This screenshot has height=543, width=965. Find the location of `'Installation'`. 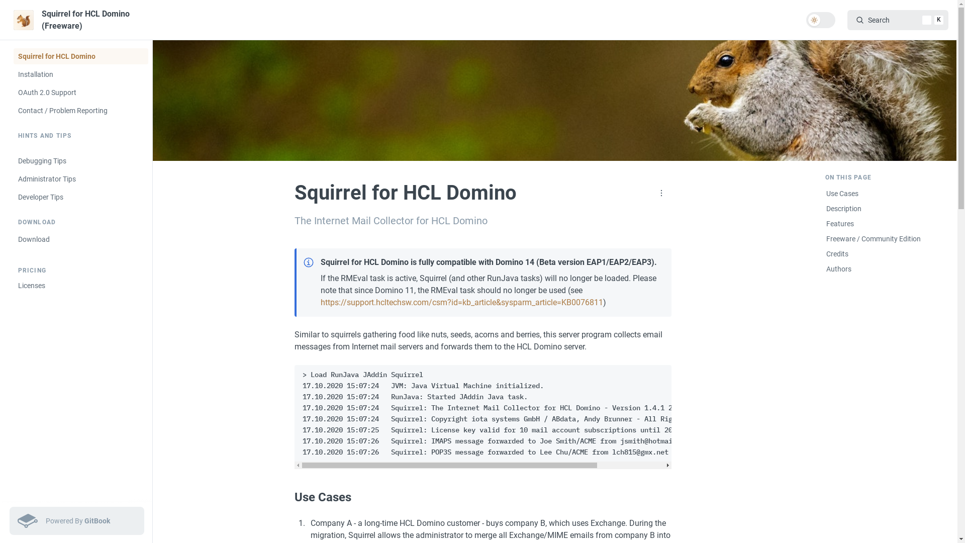

'Installation' is located at coordinates (79, 73).